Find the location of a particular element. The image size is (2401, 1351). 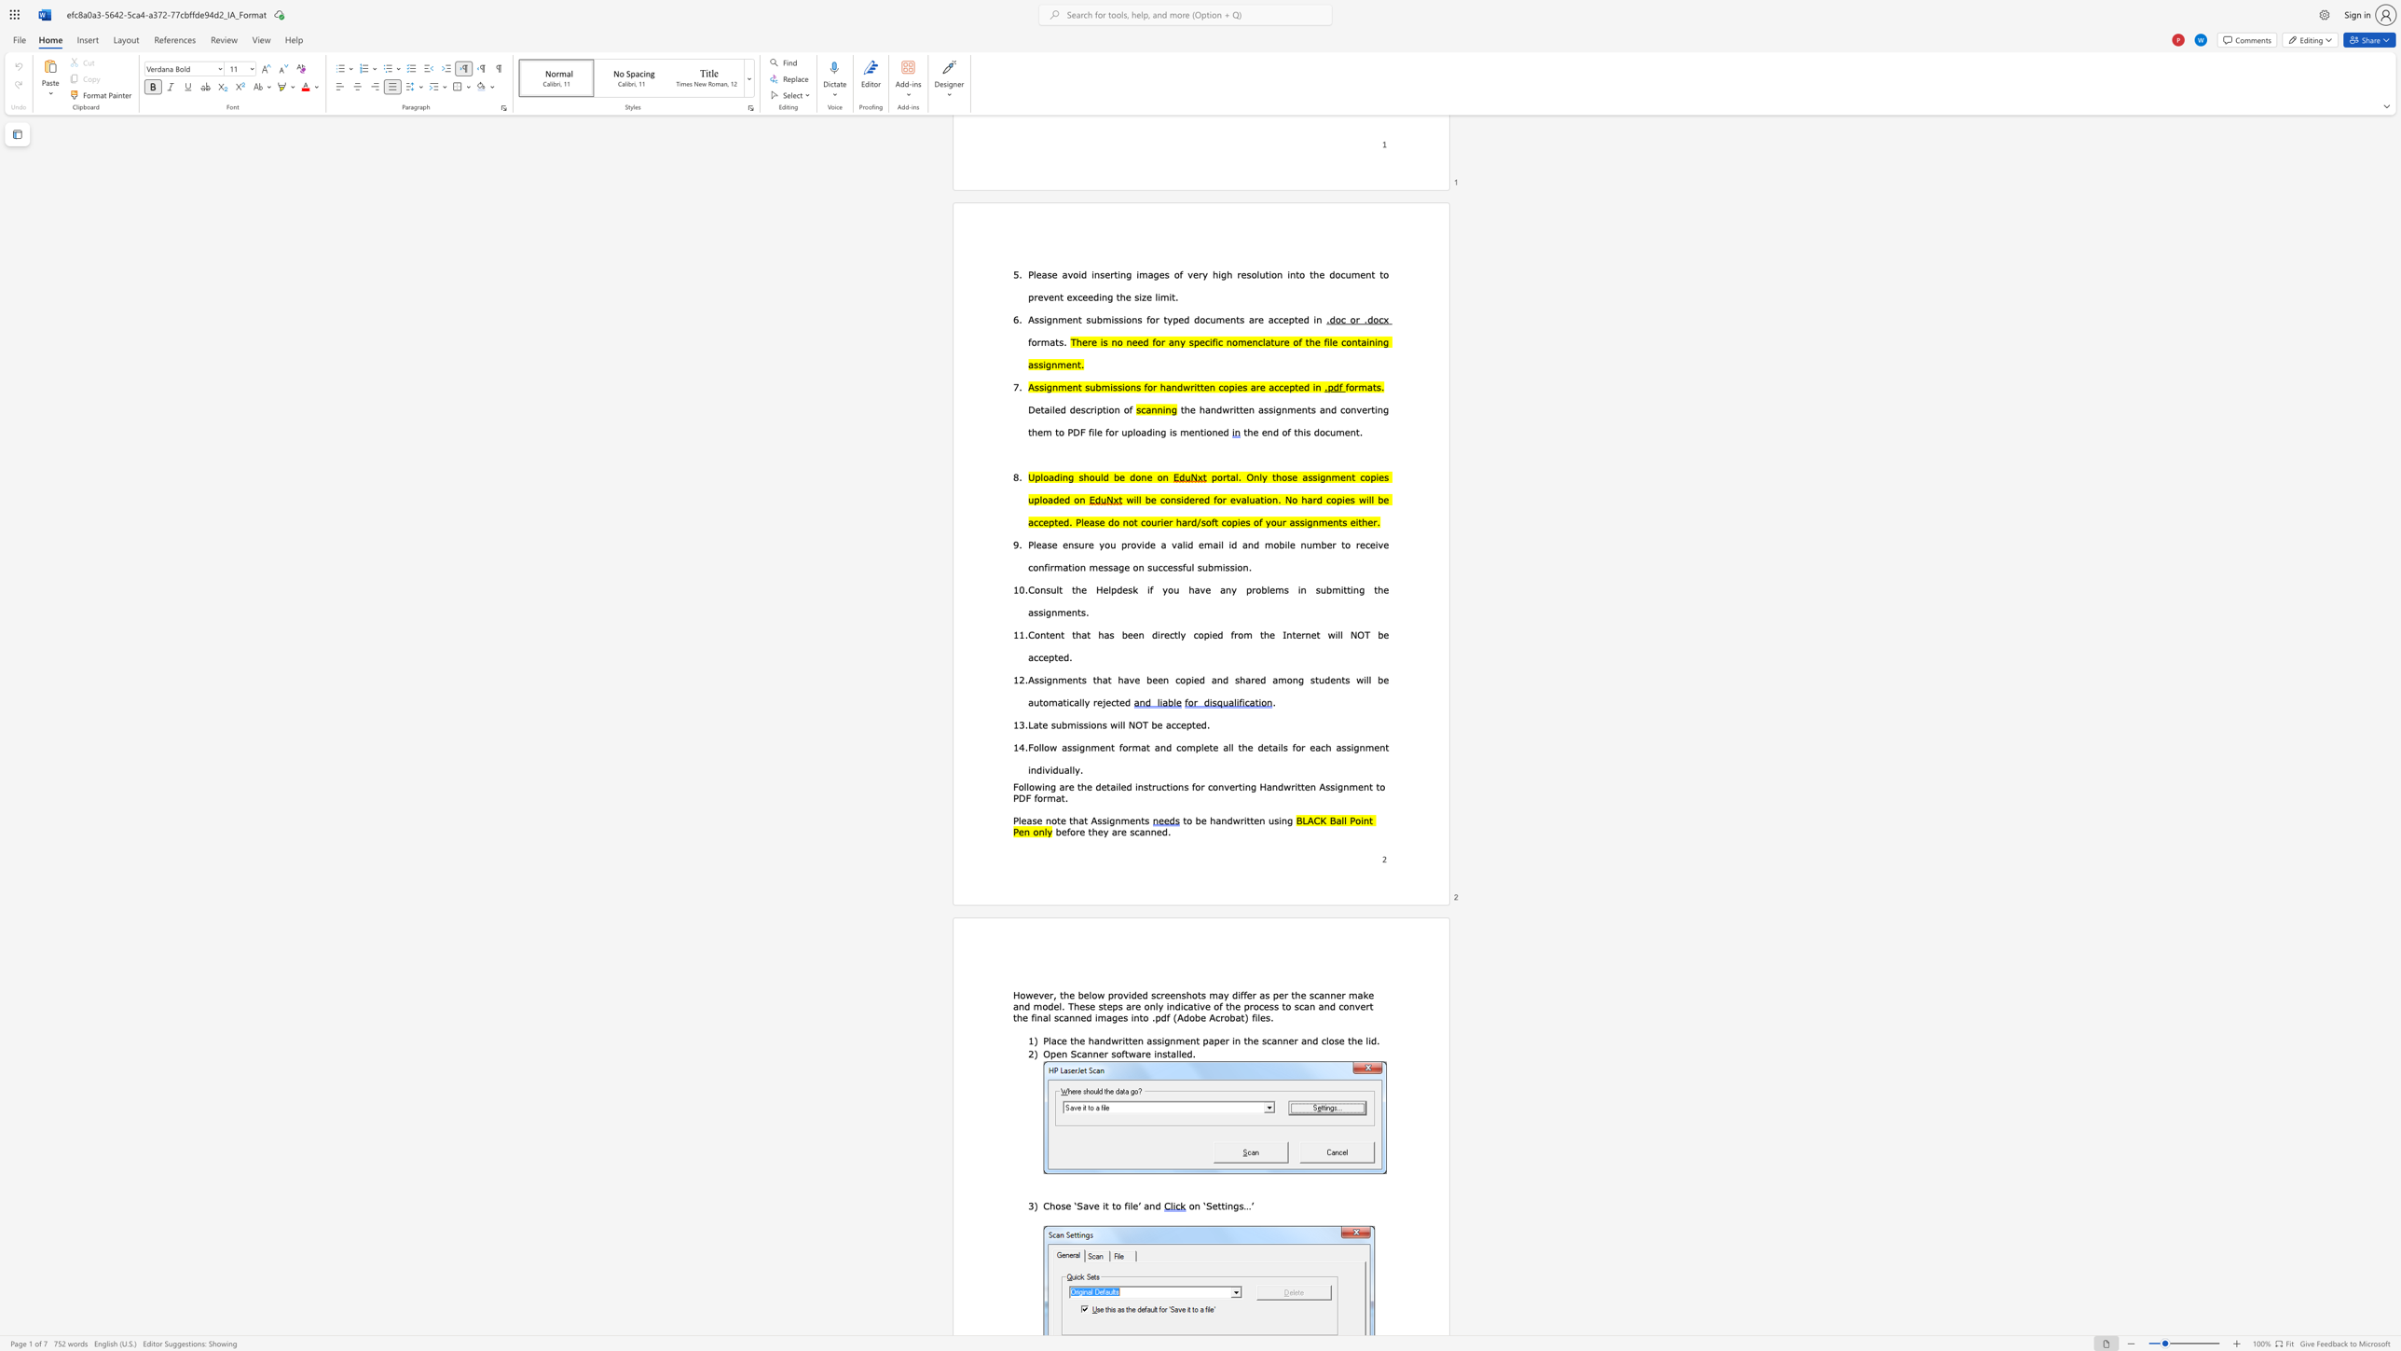

the subset text "or" within the text "nstructions for" is located at coordinates (1194, 786).